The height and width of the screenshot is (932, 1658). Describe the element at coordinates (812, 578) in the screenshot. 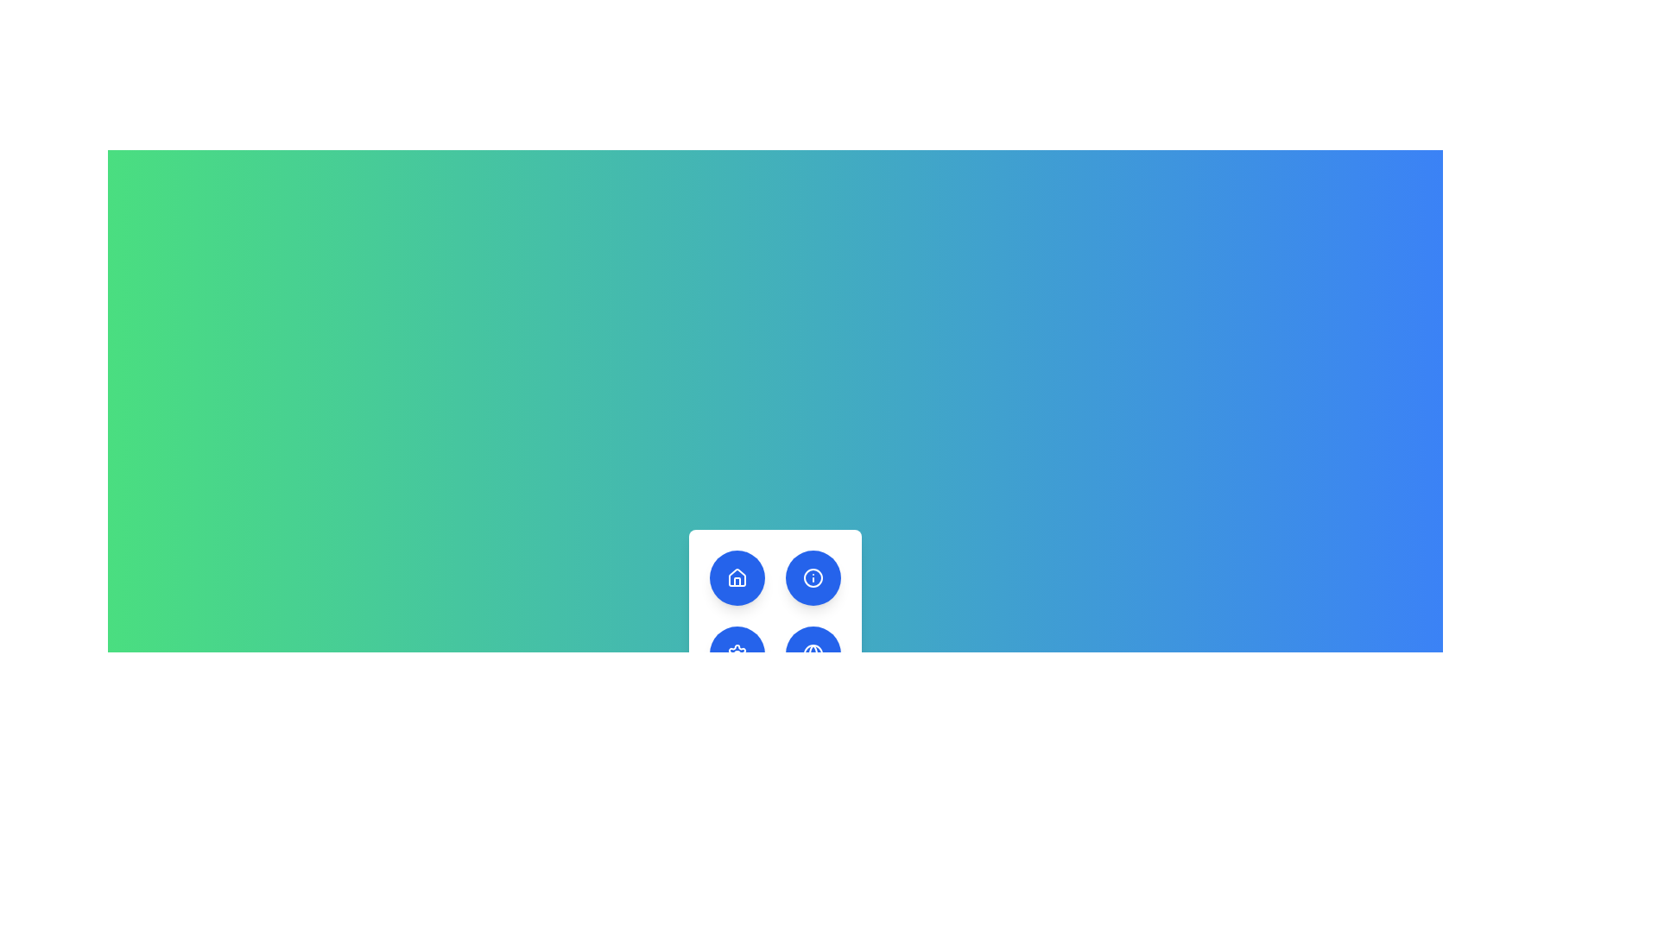

I see `the circular blue button with an information icon located in the top-right corner of the grid layout` at that location.